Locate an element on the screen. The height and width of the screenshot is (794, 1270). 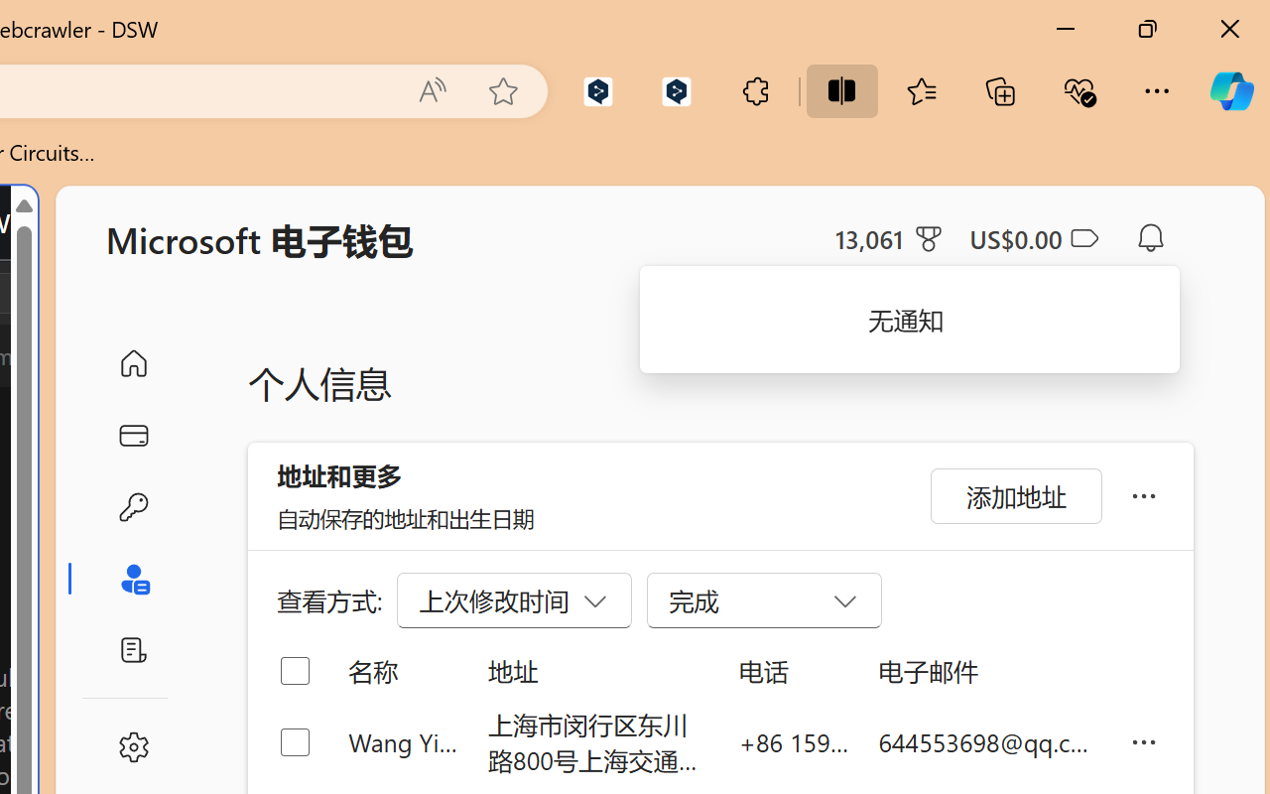
'+86 159 0032 4640' is located at coordinates (794, 741).